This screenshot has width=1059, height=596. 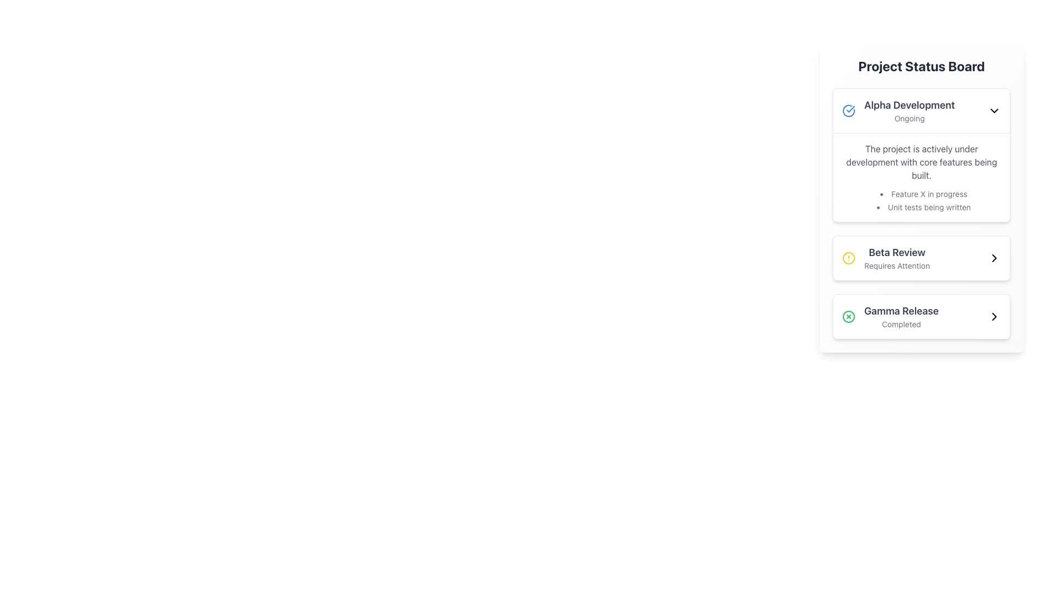 What do you see at coordinates (921, 200) in the screenshot?
I see `the unordered list containing 'Feature X in progress' and 'Unit tests being written', located in the 'Alpha Development' section of the 'Project Status Board'` at bounding box center [921, 200].